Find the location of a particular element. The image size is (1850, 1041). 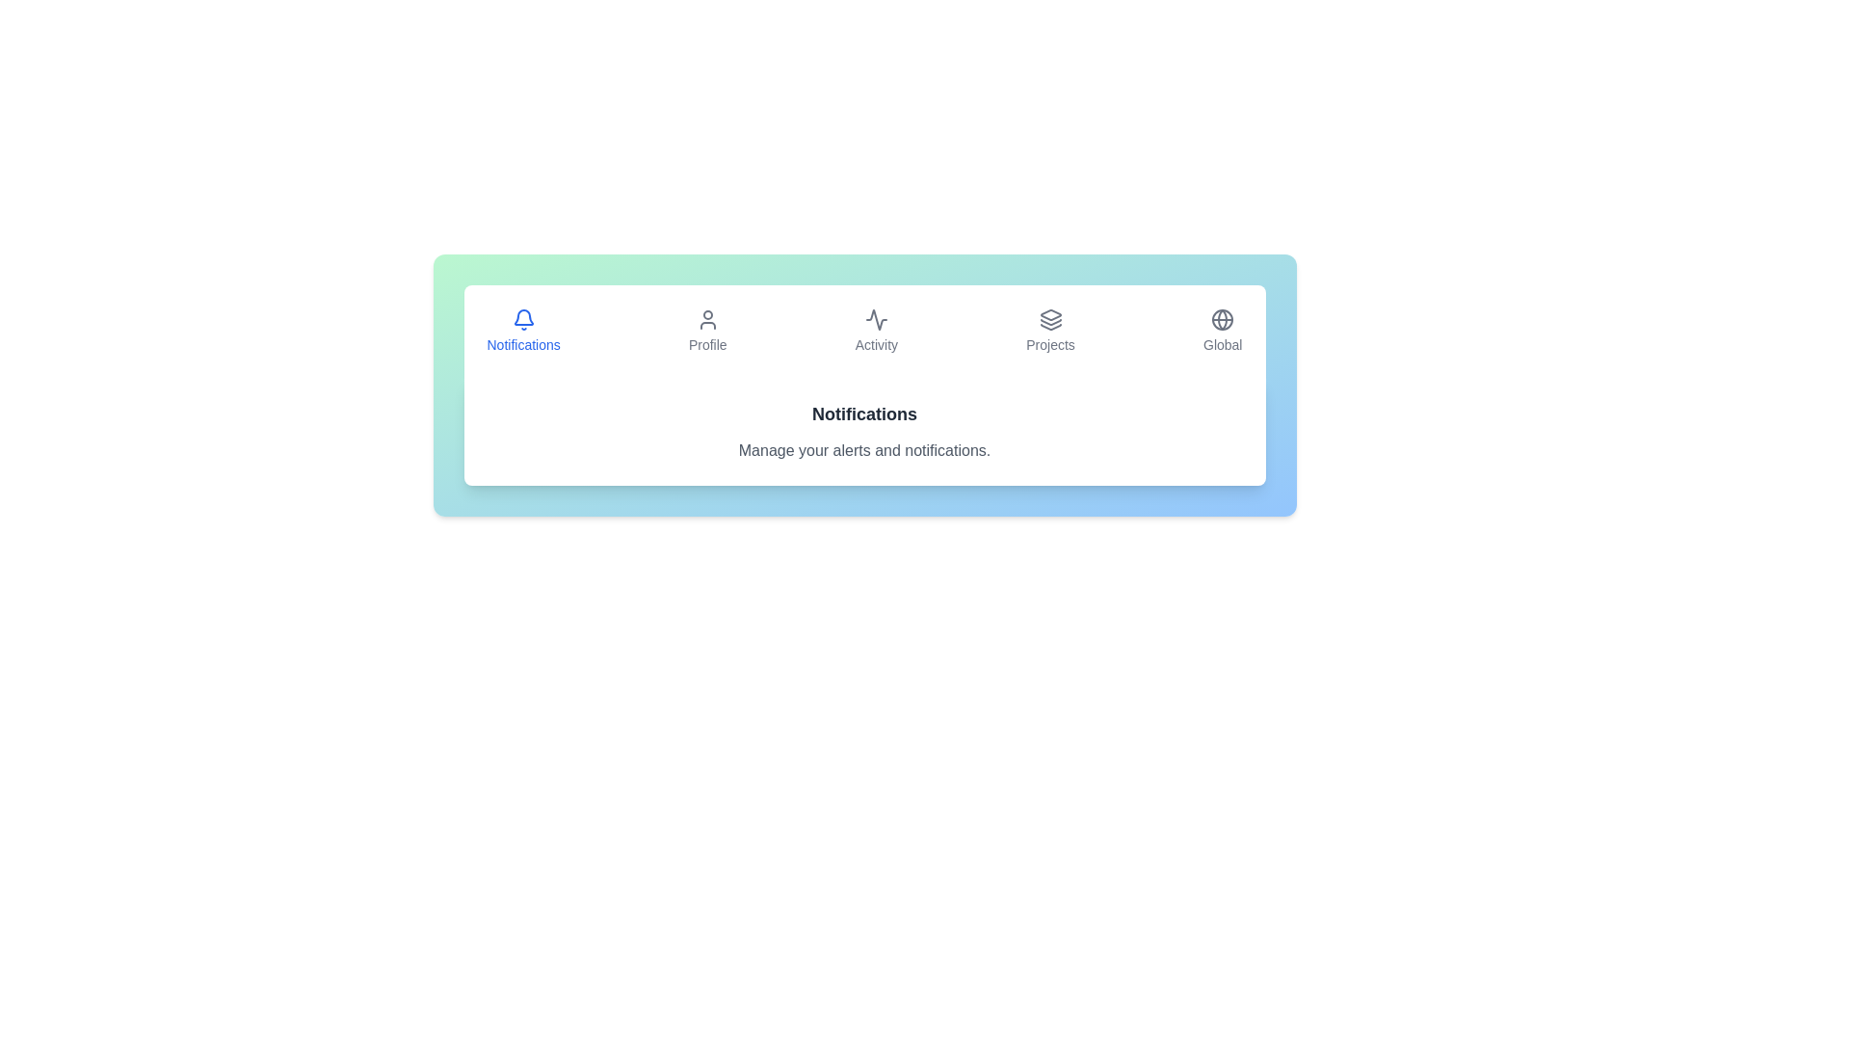

the Notifications tab by clicking on its button is located at coordinates (523, 330).